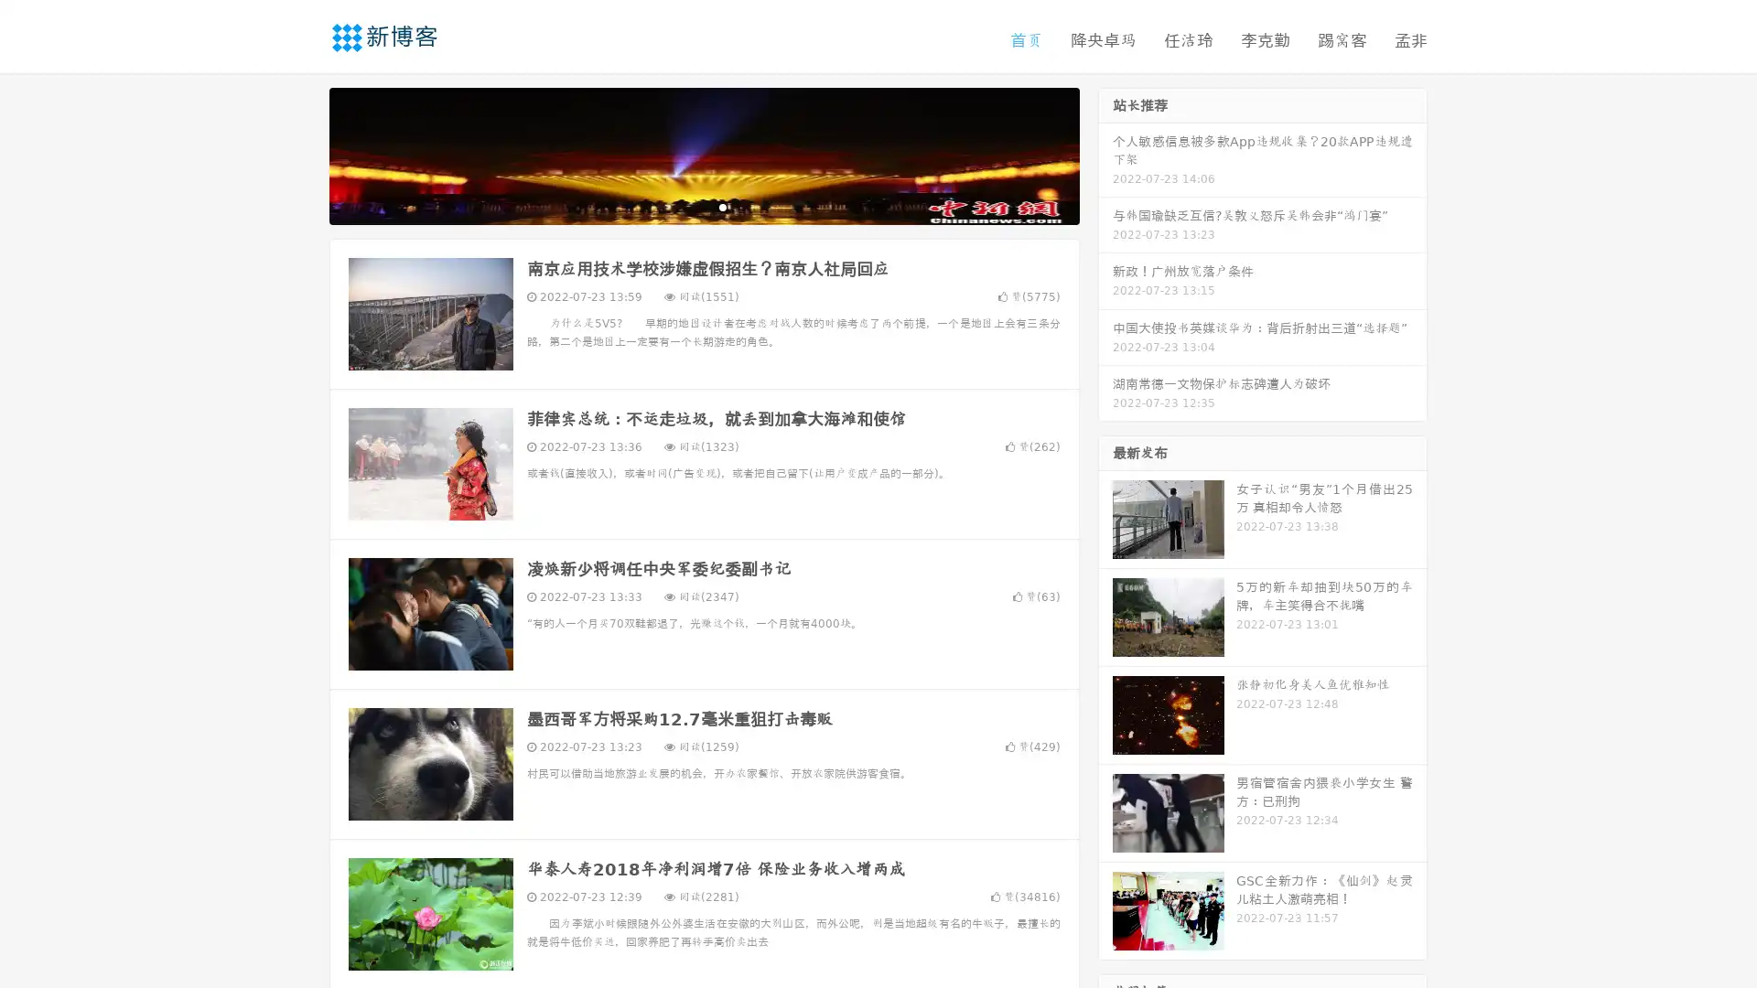 The image size is (1757, 988). I want to click on Go to slide 2, so click(703, 206).